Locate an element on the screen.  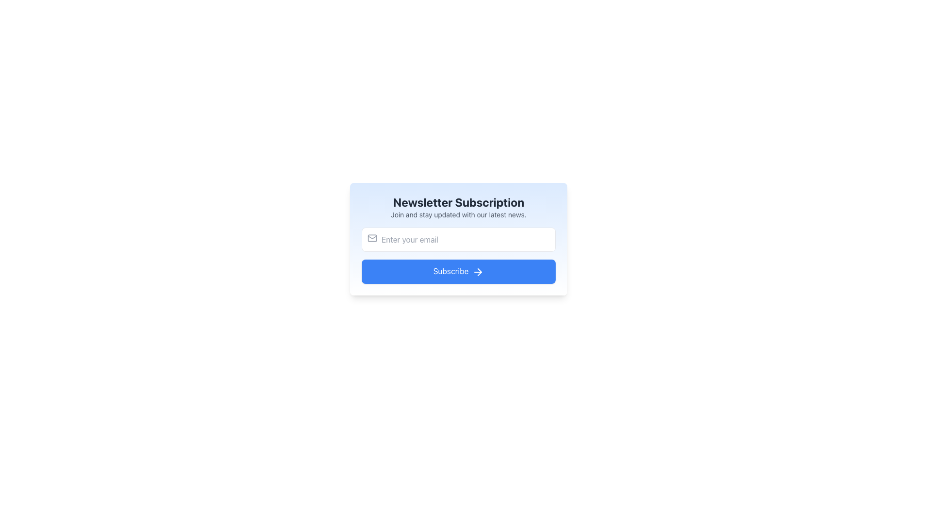
the email envelope icon located to the left of the email input field in the UI card is located at coordinates (372, 238).